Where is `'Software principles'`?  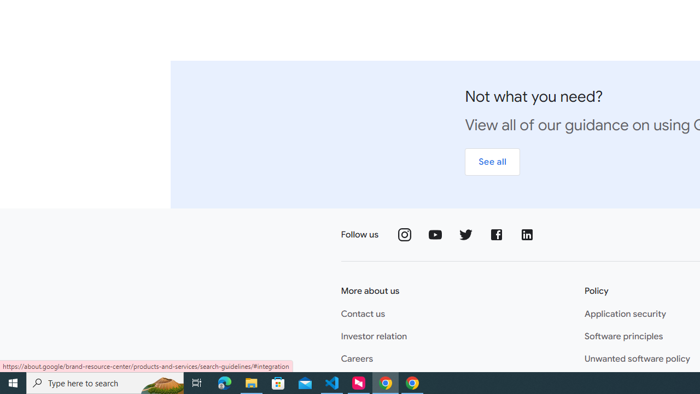
'Software principles' is located at coordinates (623, 336).